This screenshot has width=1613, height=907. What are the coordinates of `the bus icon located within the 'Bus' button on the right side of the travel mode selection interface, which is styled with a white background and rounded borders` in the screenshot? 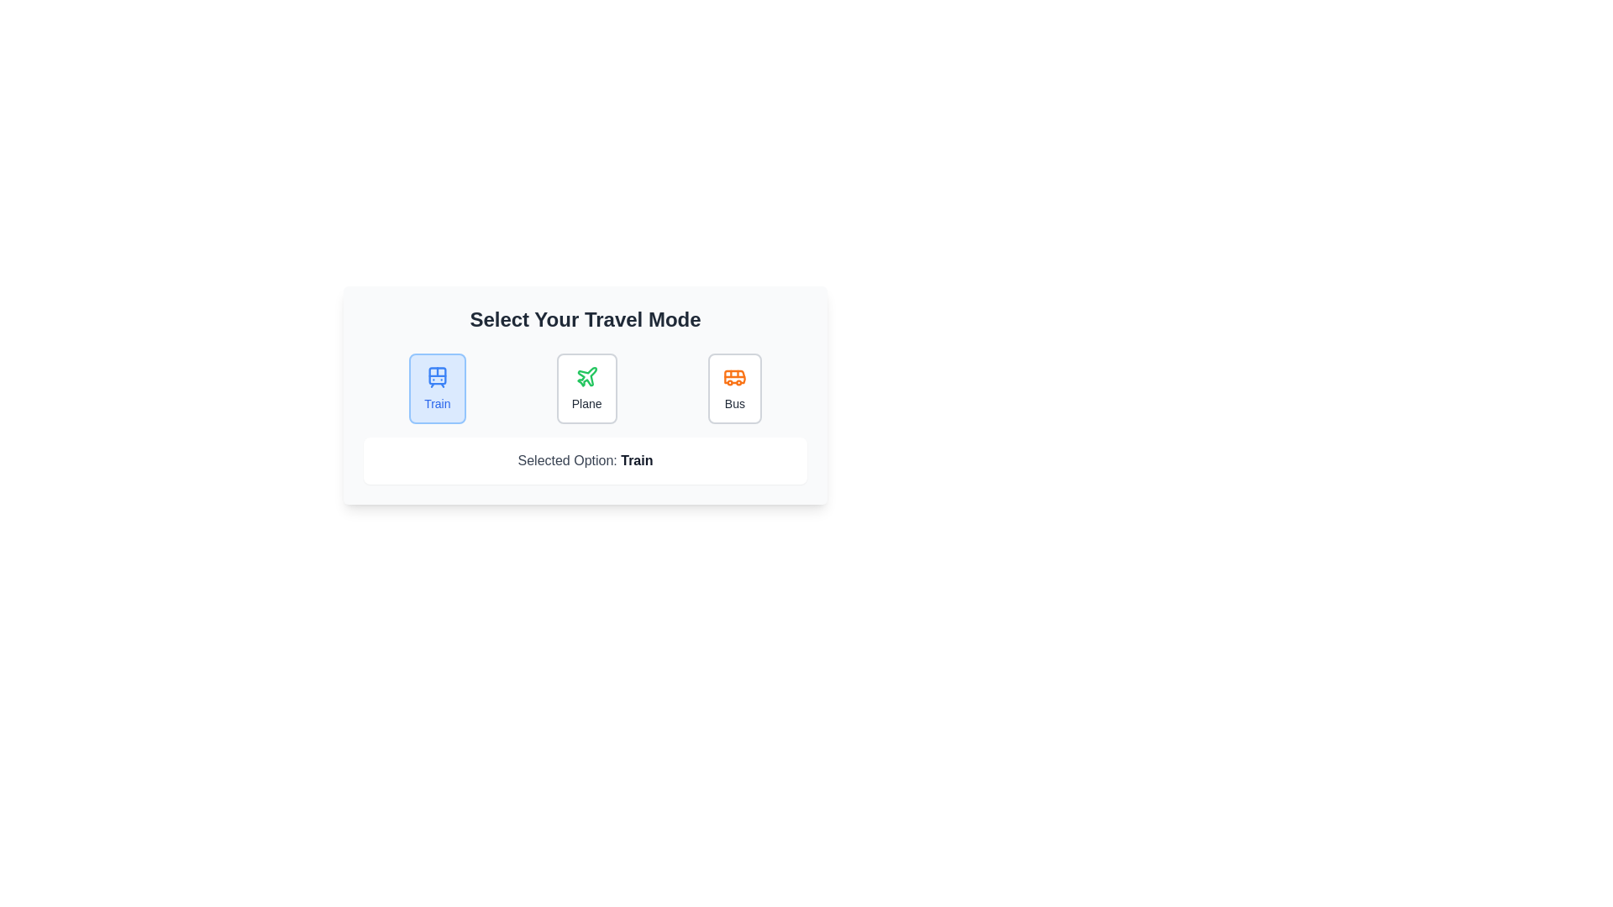 It's located at (734, 375).